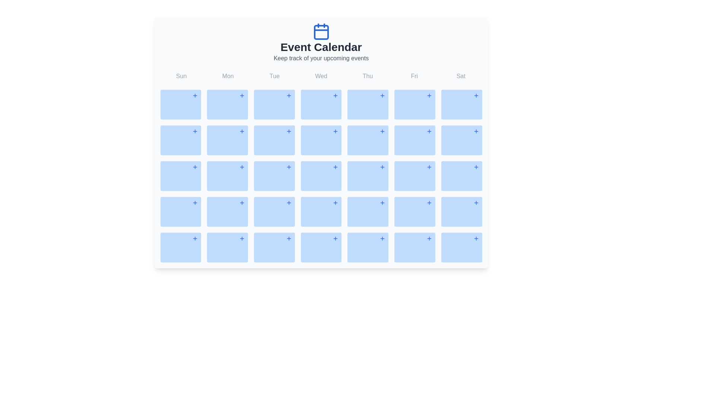  I want to click on the Calendar day cell located in the first row and second column, so click(227, 105).